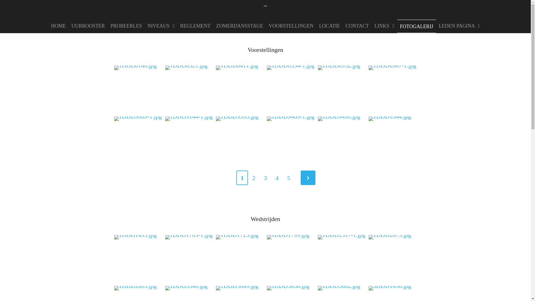 This screenshot has height=301, width=535. Describe the element at coordinates (459, 26) in the screenshot. I see `'LEDEN PAGINA'` at that location.